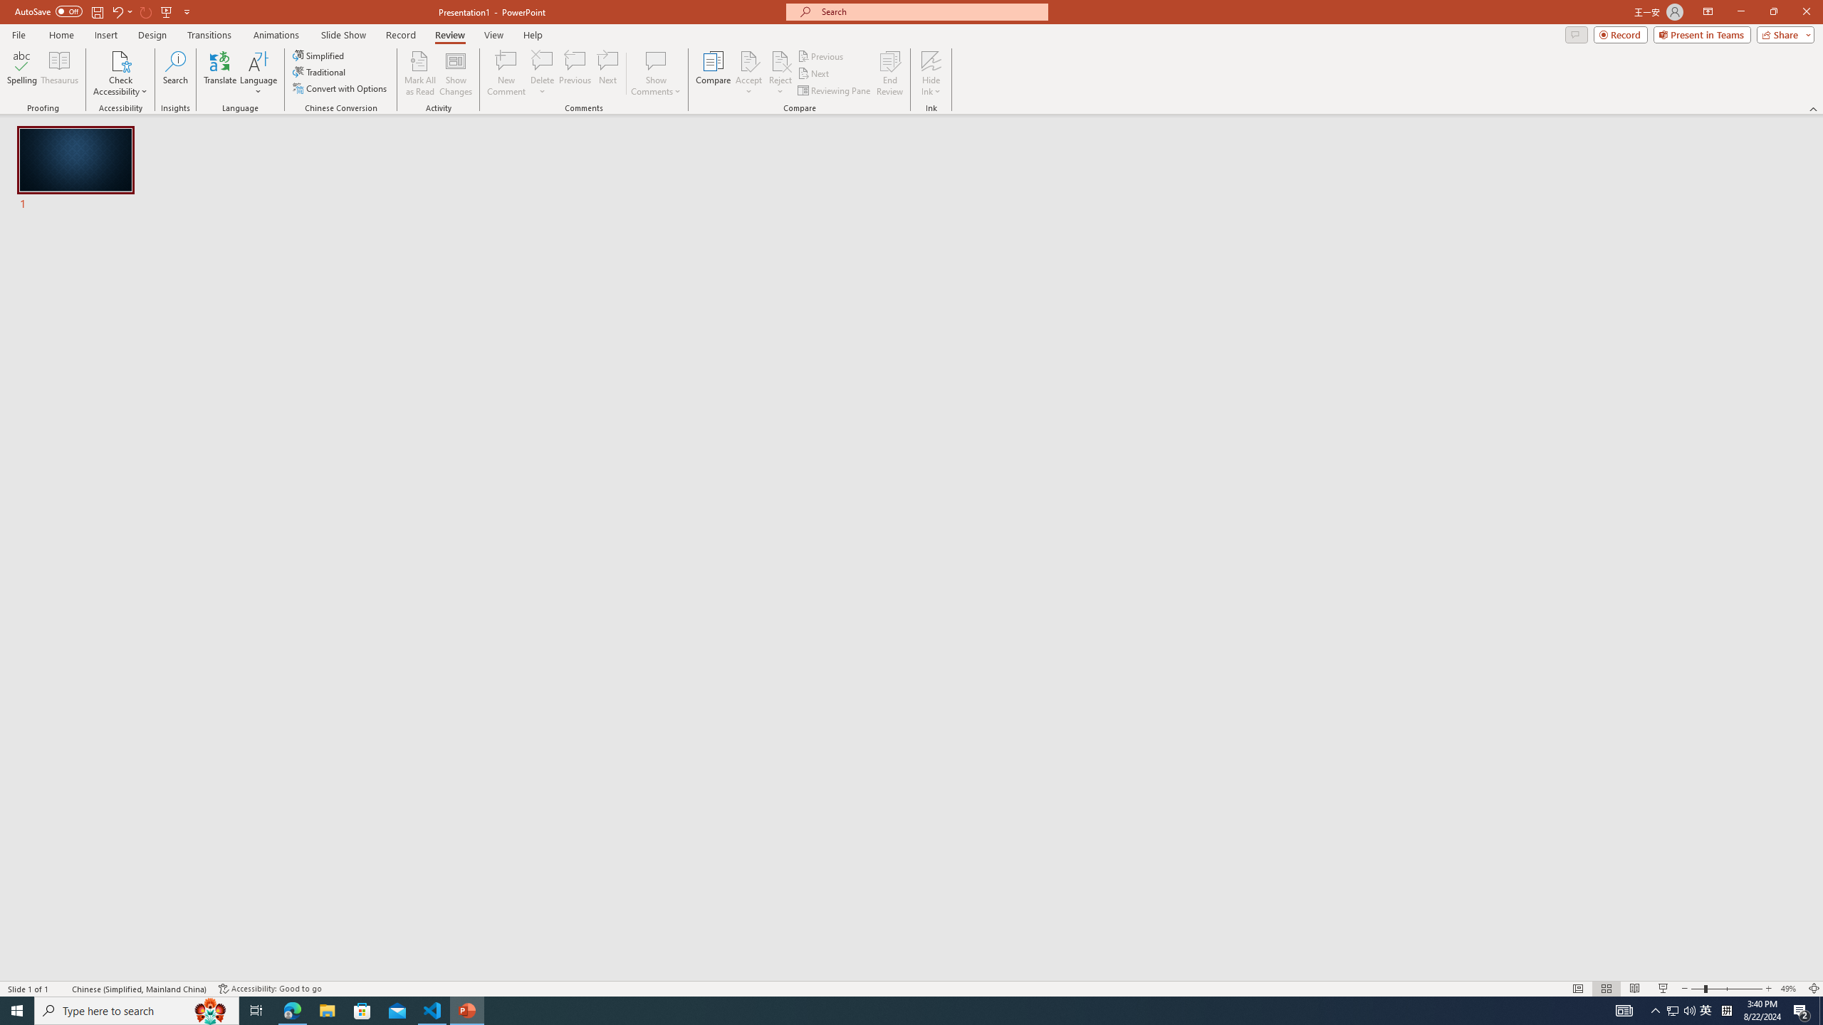 This screenshot has height=1025, width=1823. I want to click on 'Thesaurus...', so click(58, 73).